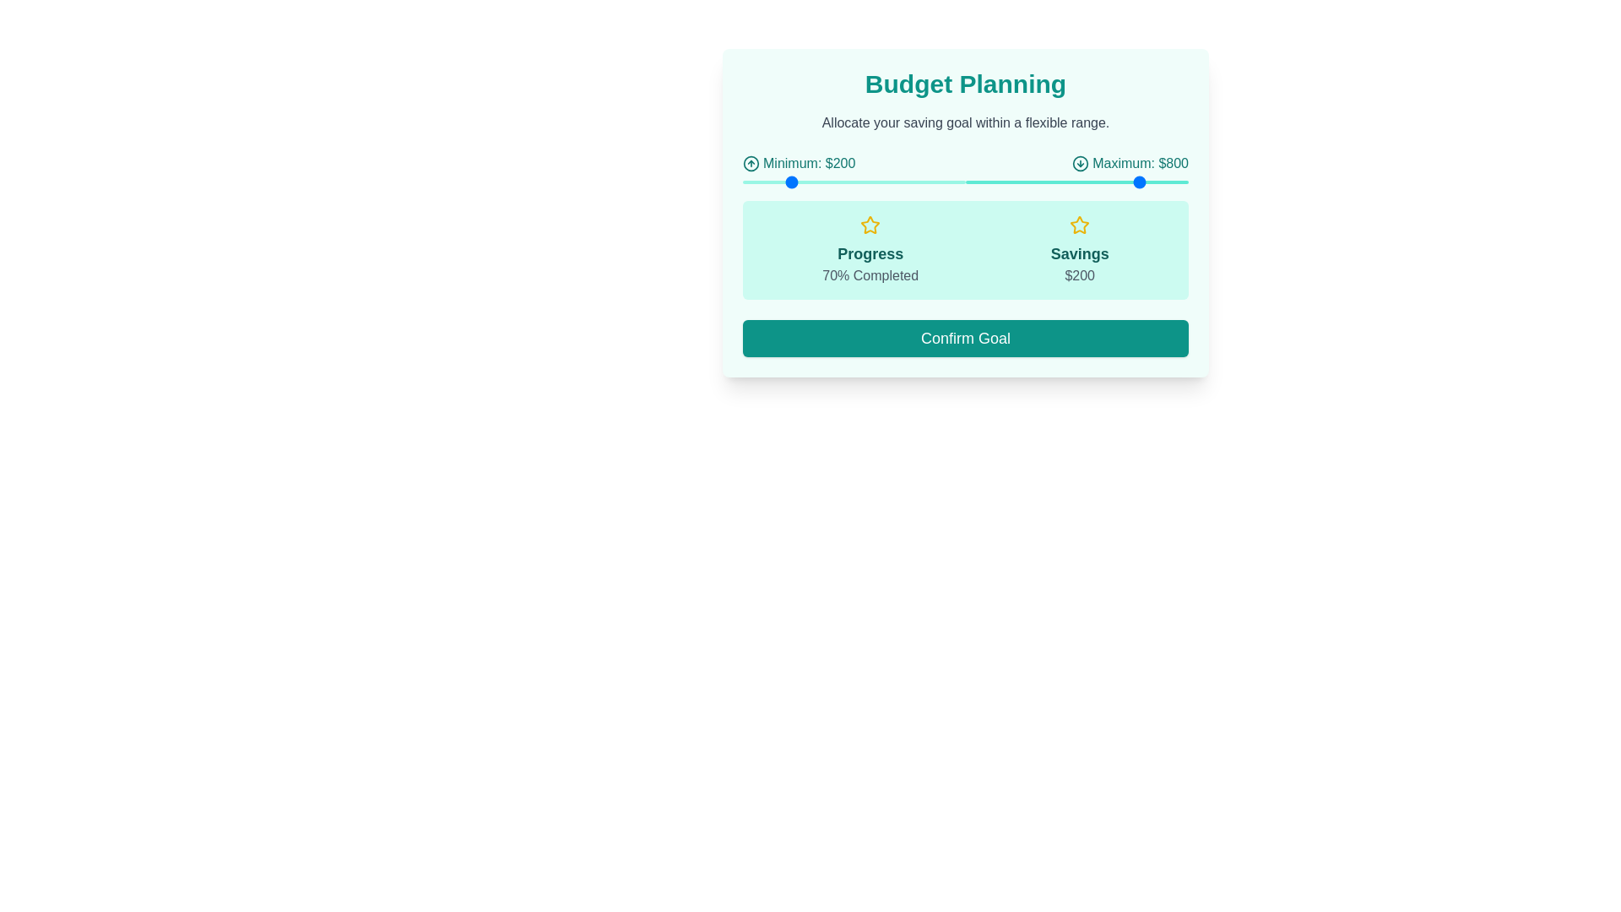  Describe the element at coordinates (1125, 182) in the screenshot. I see `the slider` at that location.